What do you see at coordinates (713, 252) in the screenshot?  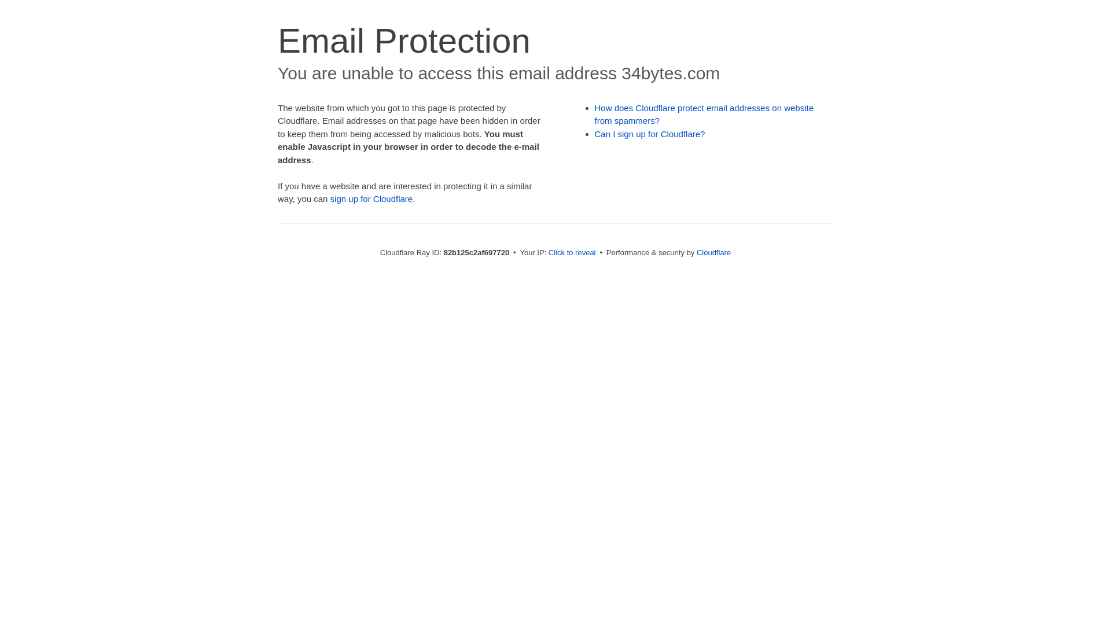 I see `'Cloudflare'` at bounding box center [713, 252].